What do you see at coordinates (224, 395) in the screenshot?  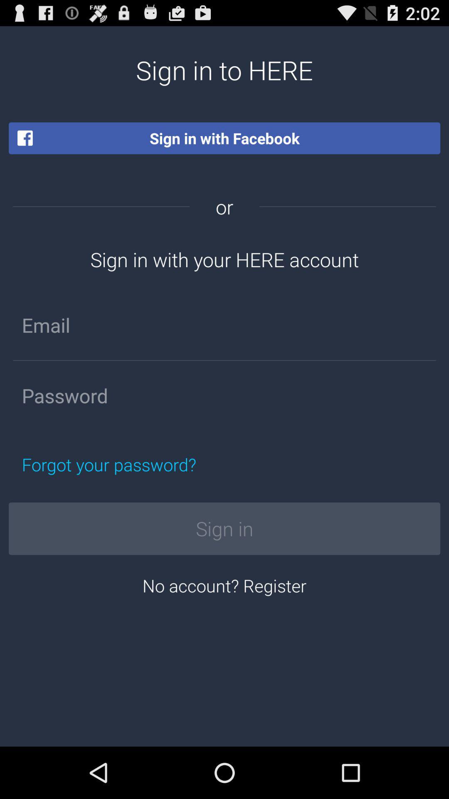 I see `the password` at bounding box center [224, 395].